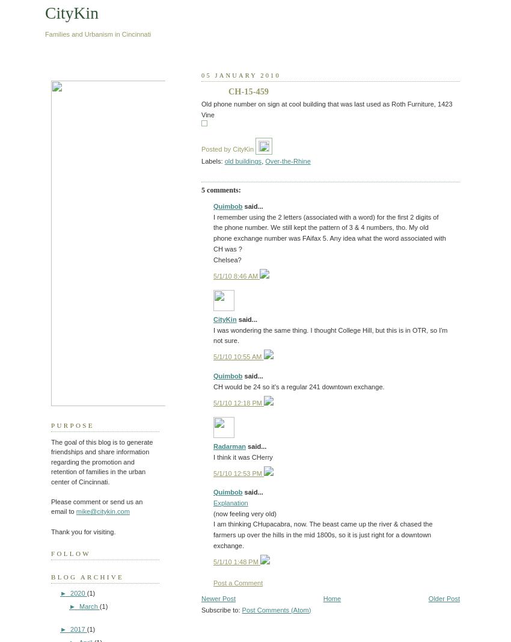  I want to click on 'Blog Archive', so click(87, 577).